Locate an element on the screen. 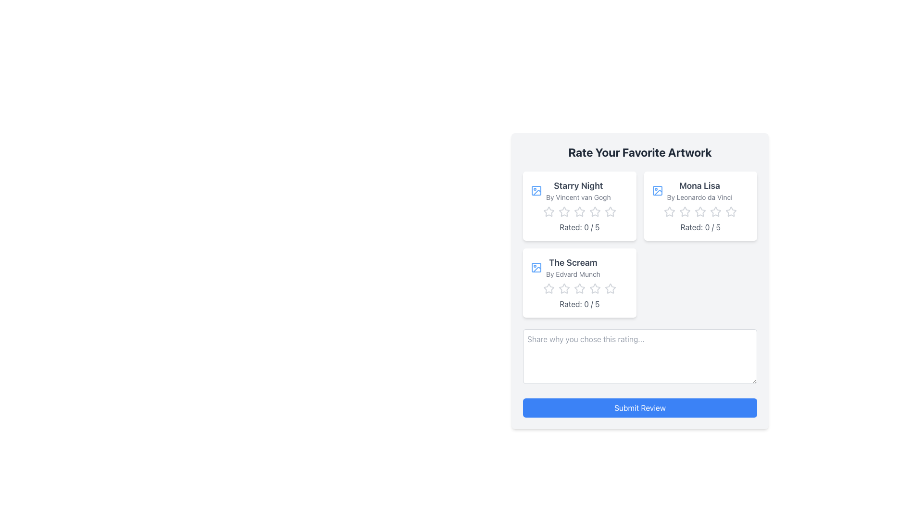  the third star-shaped rating icon for the 'Mona Lisa' artwork is located at coordinates (731, 211).